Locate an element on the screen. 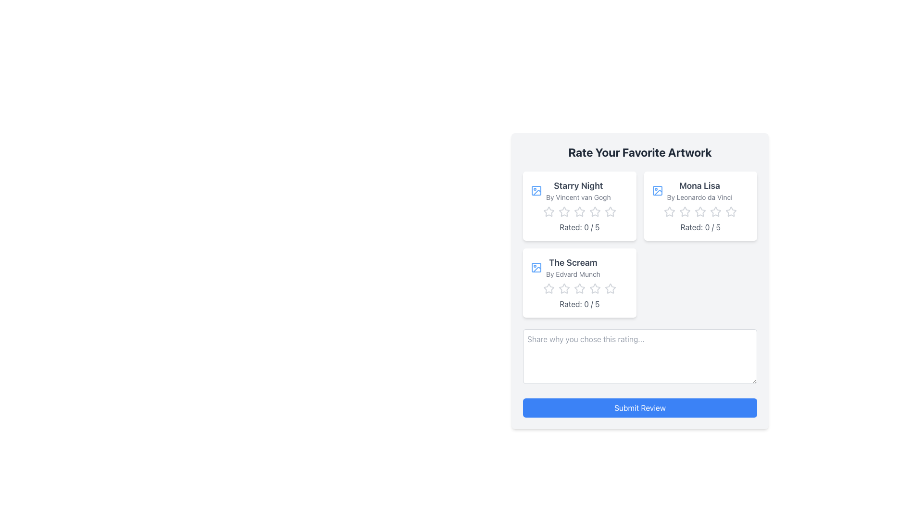  the third star-shaped rating icon for the 'Mona Lisa' artwork is located at coordinates (731, 211).